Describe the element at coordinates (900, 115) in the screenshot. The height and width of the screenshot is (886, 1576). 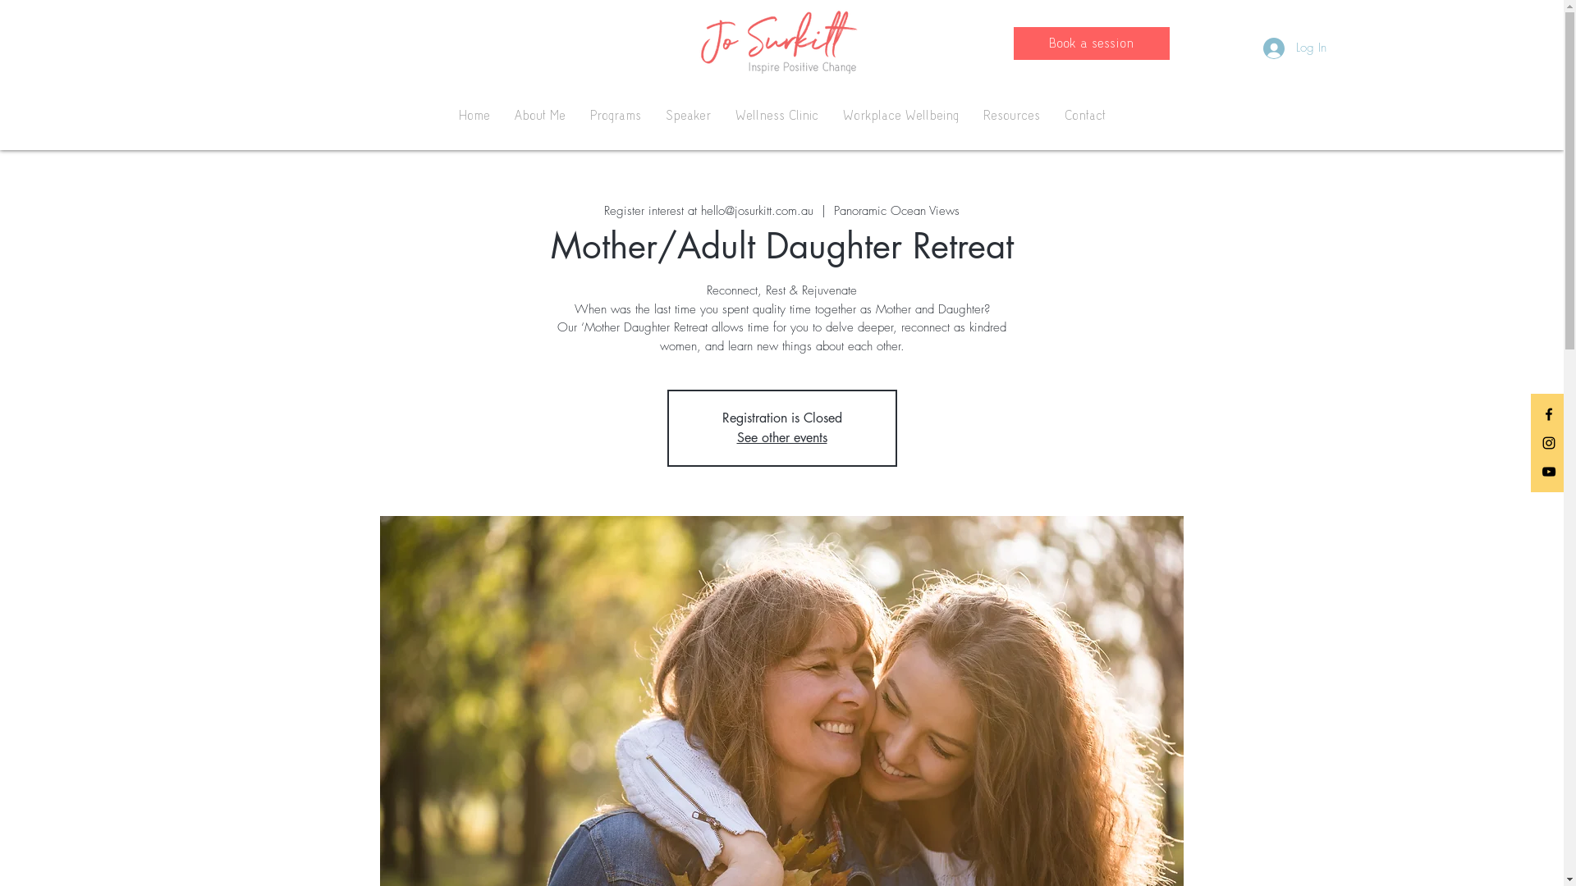
I see `'Workplace Wellbeing'` at that location.